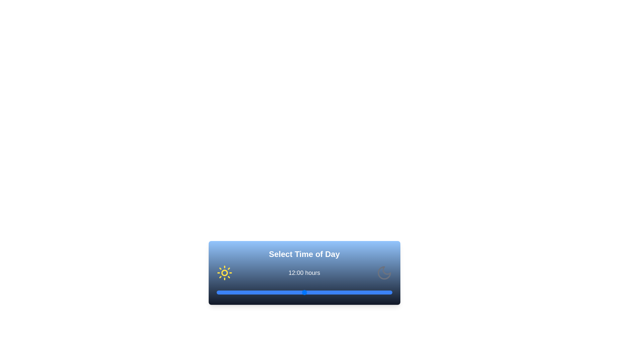 The height and width of the screenshot is (359, 639). Describe the element at coordinates (224, 273) in the screenshot. I see `the sun icon to interact with it` at that location.